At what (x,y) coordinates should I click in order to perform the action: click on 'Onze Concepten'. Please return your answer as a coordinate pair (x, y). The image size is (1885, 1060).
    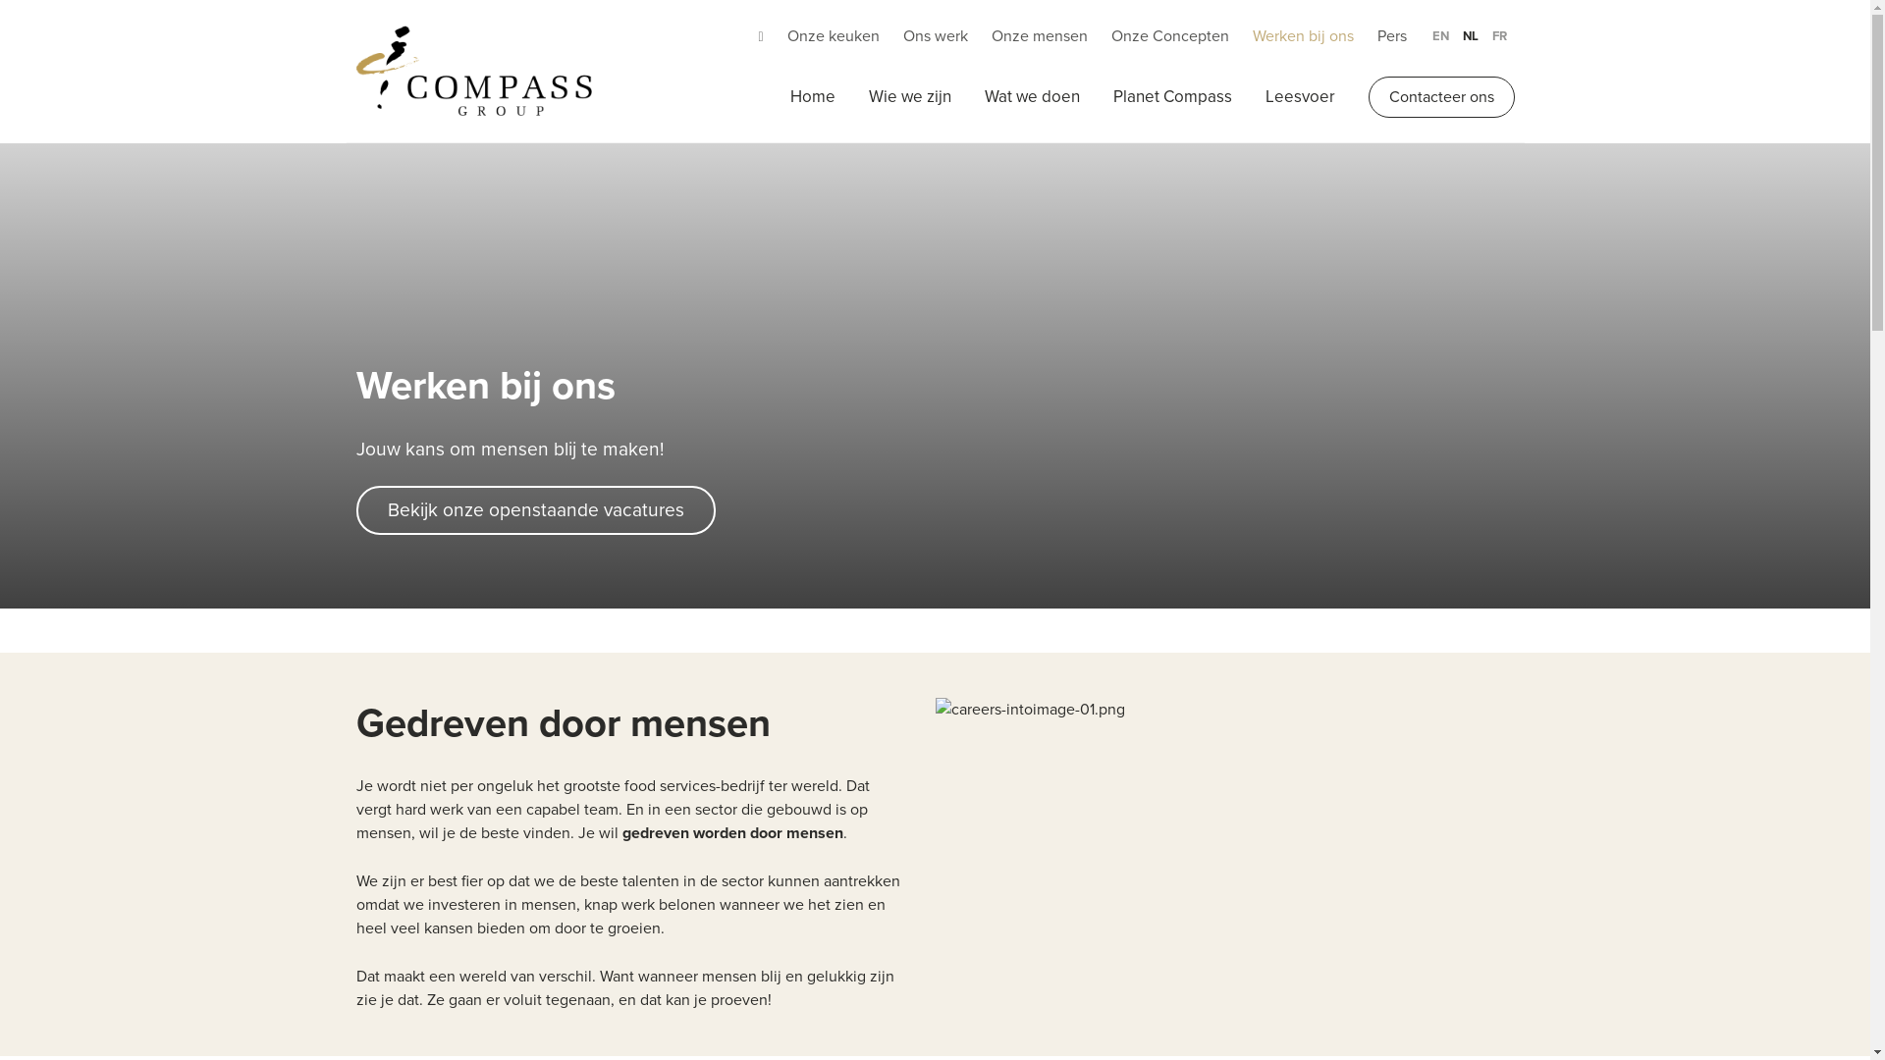
    Looking at the image, I should click on (1169, 36).